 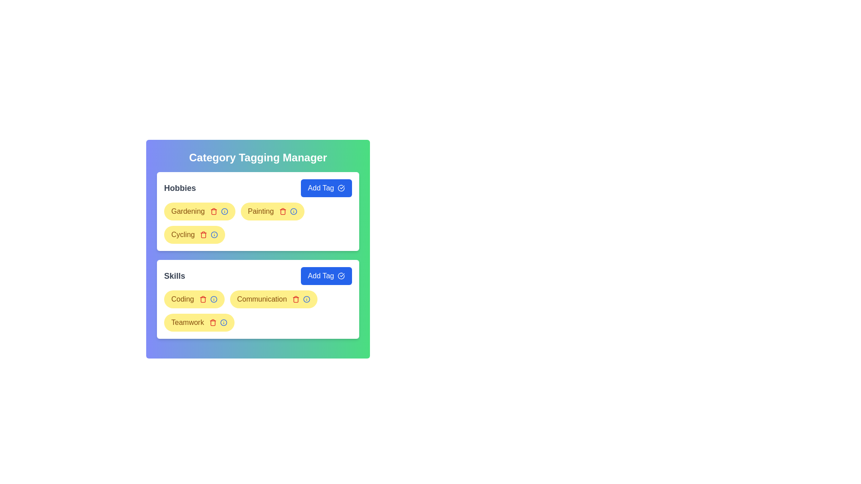 I want to click on the circular Information icon located to the right of the 'Cycling' text label in the 'Hobbies' category, so click(x=224, y=211).